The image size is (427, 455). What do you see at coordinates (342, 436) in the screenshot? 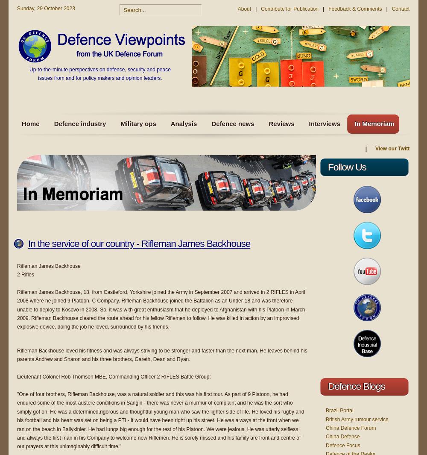
I see `'China Defense'` at bounding box center [342, 436].